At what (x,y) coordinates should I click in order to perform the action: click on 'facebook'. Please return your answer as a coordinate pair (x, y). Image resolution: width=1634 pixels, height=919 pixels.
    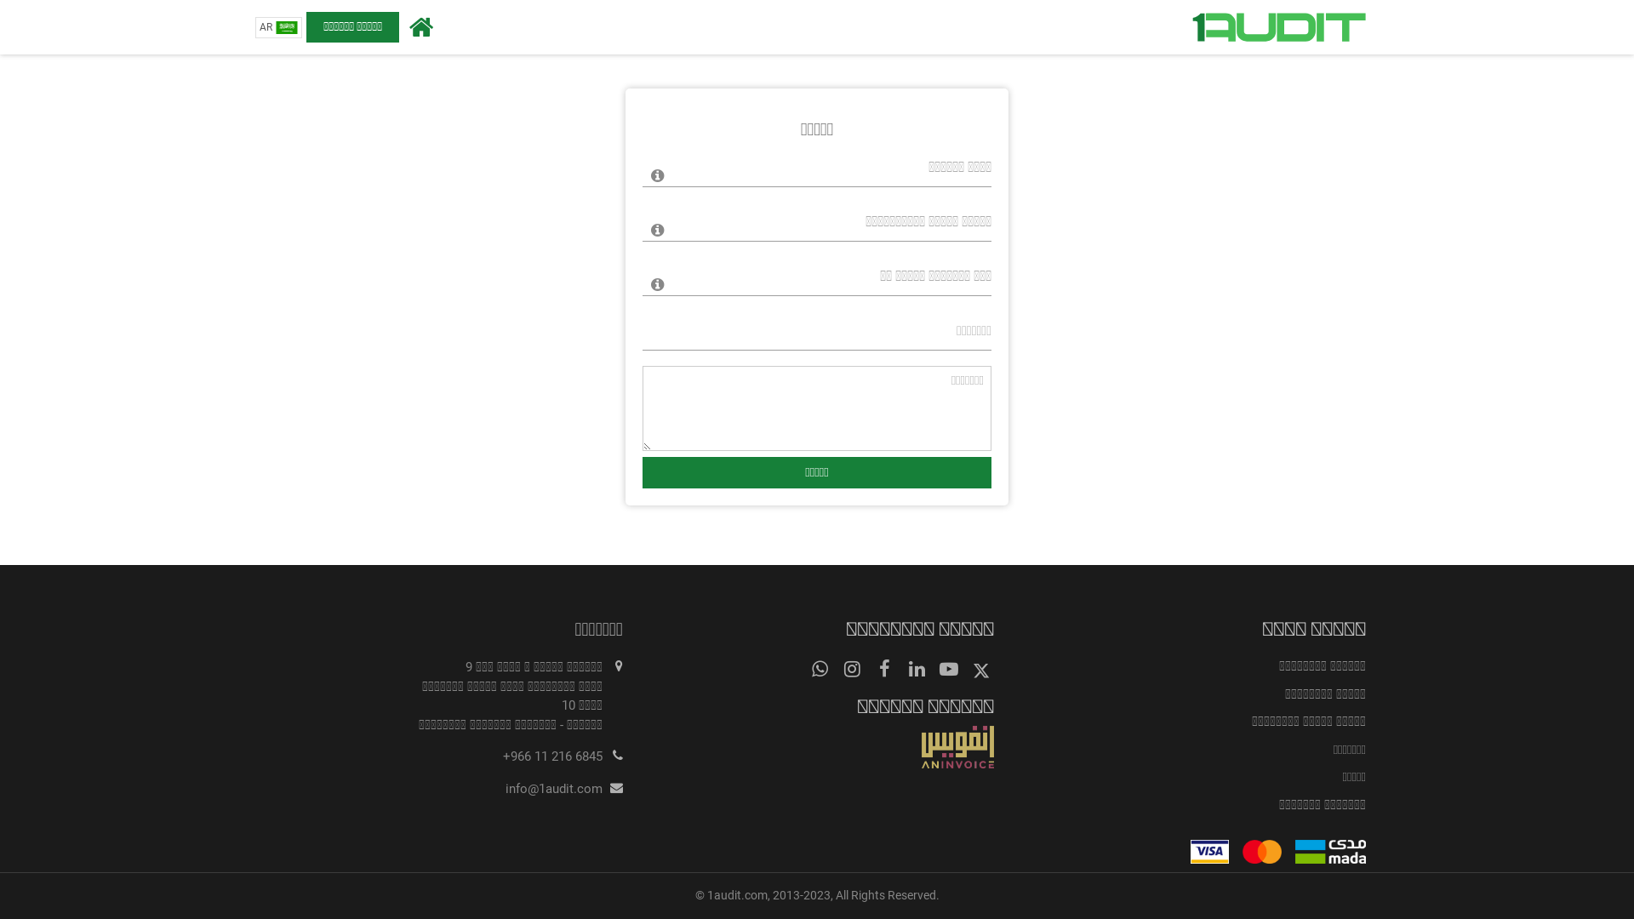
    Looking at the image, I should click on (883, 668).